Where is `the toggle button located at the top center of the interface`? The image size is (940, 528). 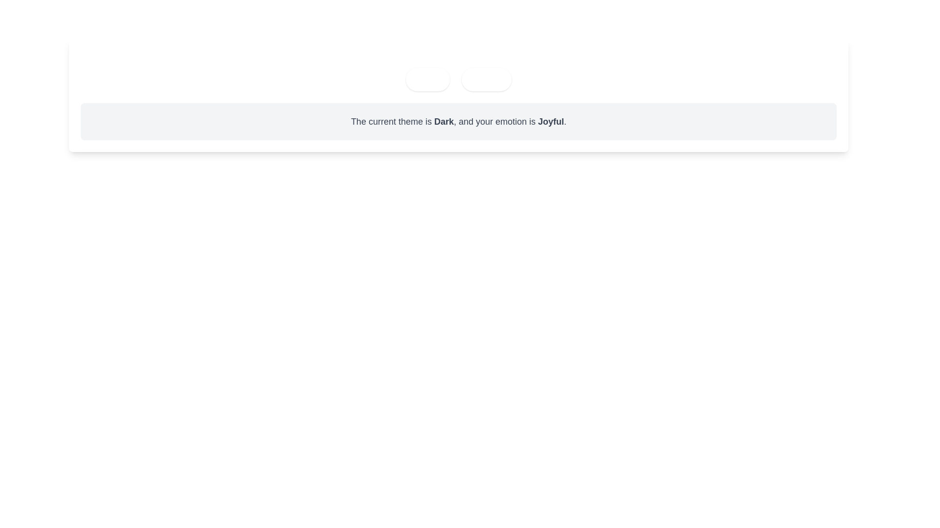 the toggle button located at the top center of the interface is located at coordinates (427, 79).